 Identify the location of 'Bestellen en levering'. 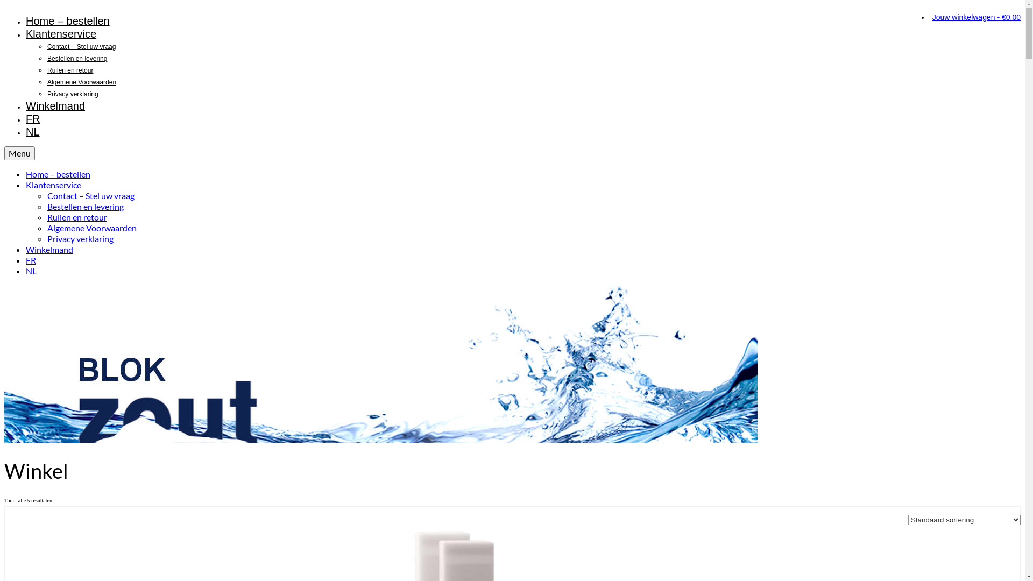
(76, 58).